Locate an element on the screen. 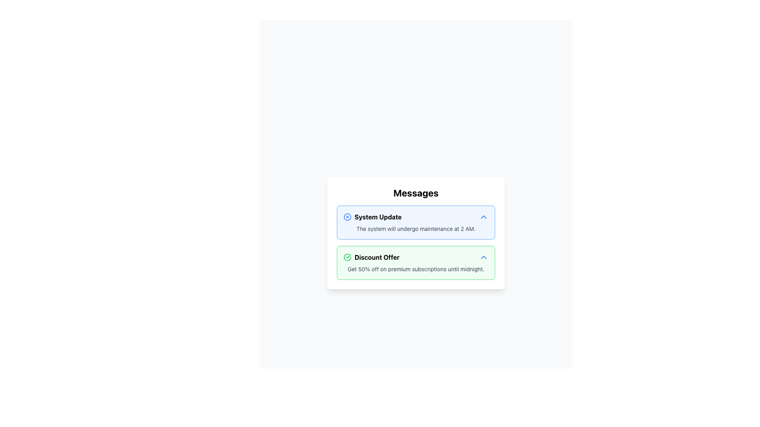  and copy the informational text about the upcoming system maintenance located in the highlighted notification area titled 'System Update' is located at coordinates (416, 229).